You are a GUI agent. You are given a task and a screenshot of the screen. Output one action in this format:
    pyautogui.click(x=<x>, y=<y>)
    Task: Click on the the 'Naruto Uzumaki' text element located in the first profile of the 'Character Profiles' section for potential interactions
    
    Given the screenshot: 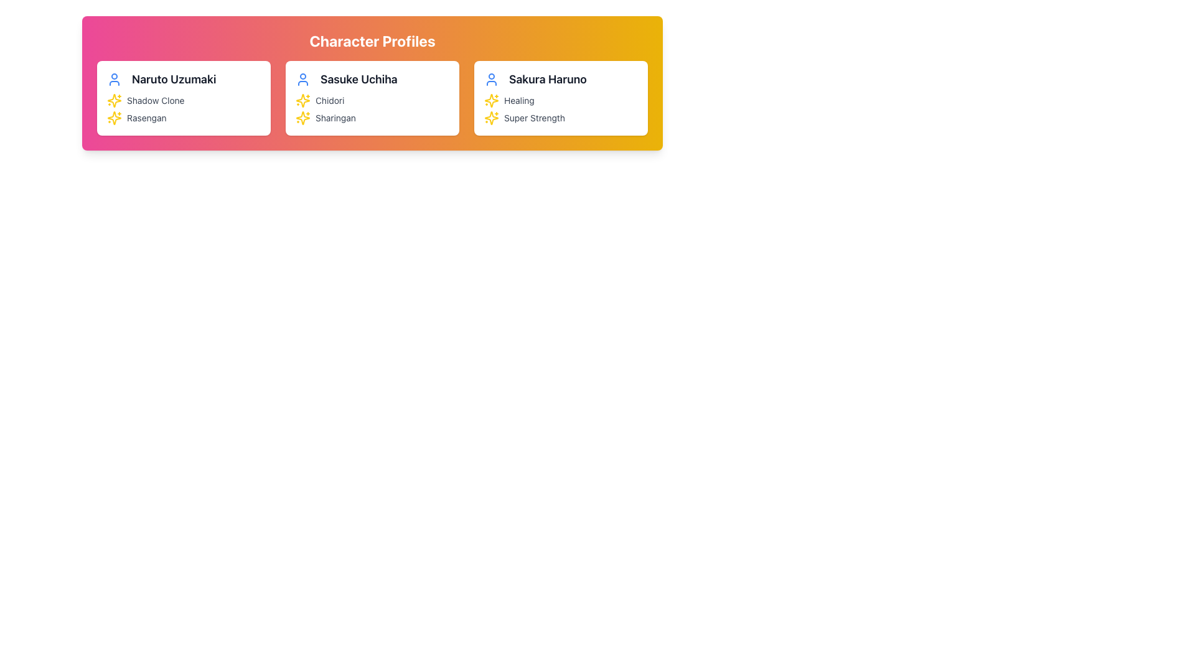 What is the action you would take?
    pyautogui.click(x=183, y=79)
    